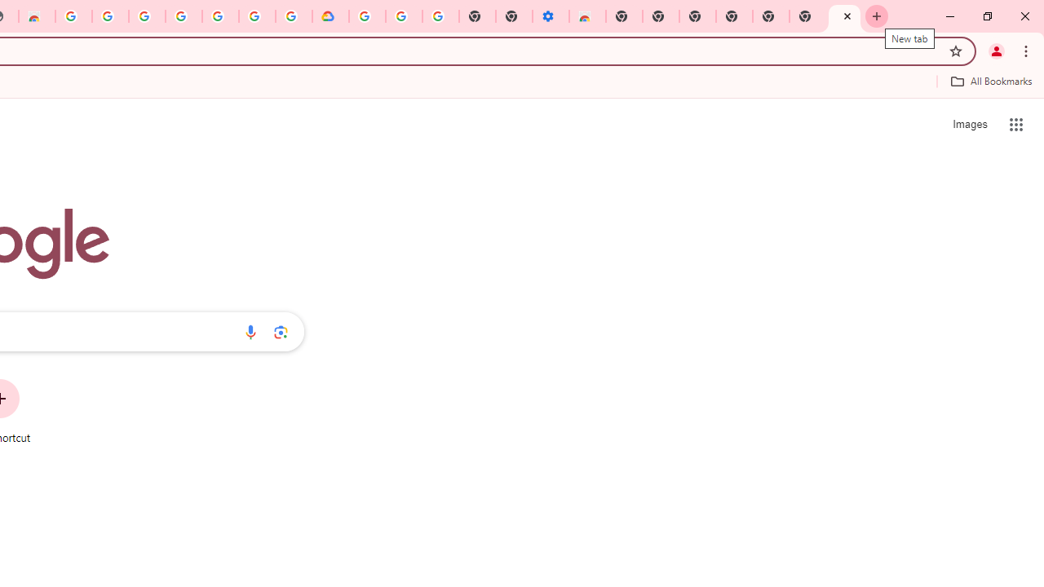 The image size is (1044, 587). What do you see at coordinates (404, 16) in the screenshot?
I see `'Google Account Help'` at bounding box center [404, 16].